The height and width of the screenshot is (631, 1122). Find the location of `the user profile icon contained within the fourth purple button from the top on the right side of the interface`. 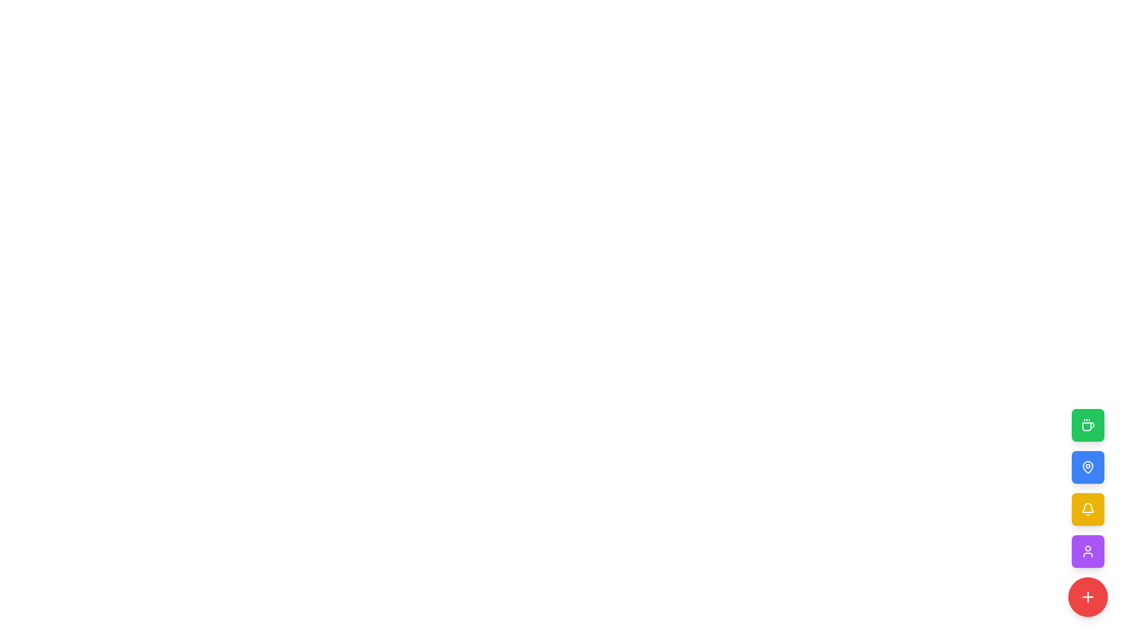

the user profile icon contained within the fourth purple button from the top on the right side of the interface is located at coordinates (1088, 552).